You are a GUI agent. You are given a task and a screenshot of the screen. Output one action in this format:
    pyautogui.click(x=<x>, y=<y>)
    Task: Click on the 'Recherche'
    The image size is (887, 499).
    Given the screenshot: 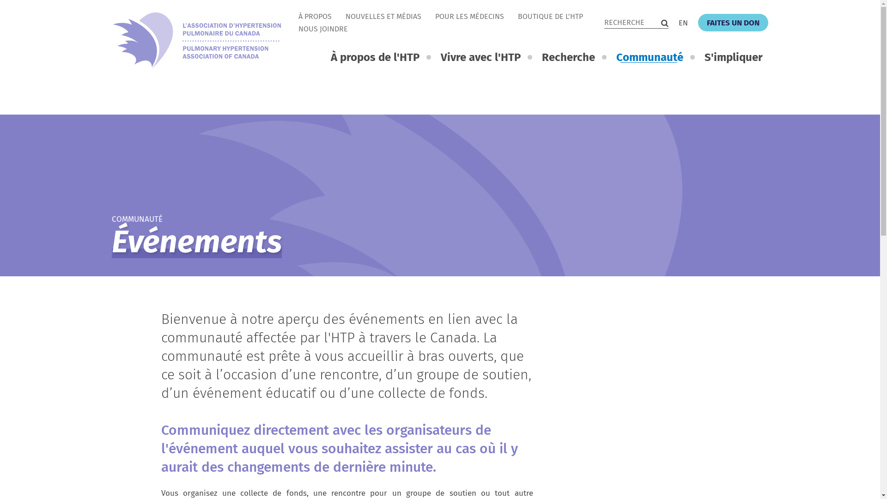 What is the action you would take?
    pyautogui.click(x=660, y=23)
    